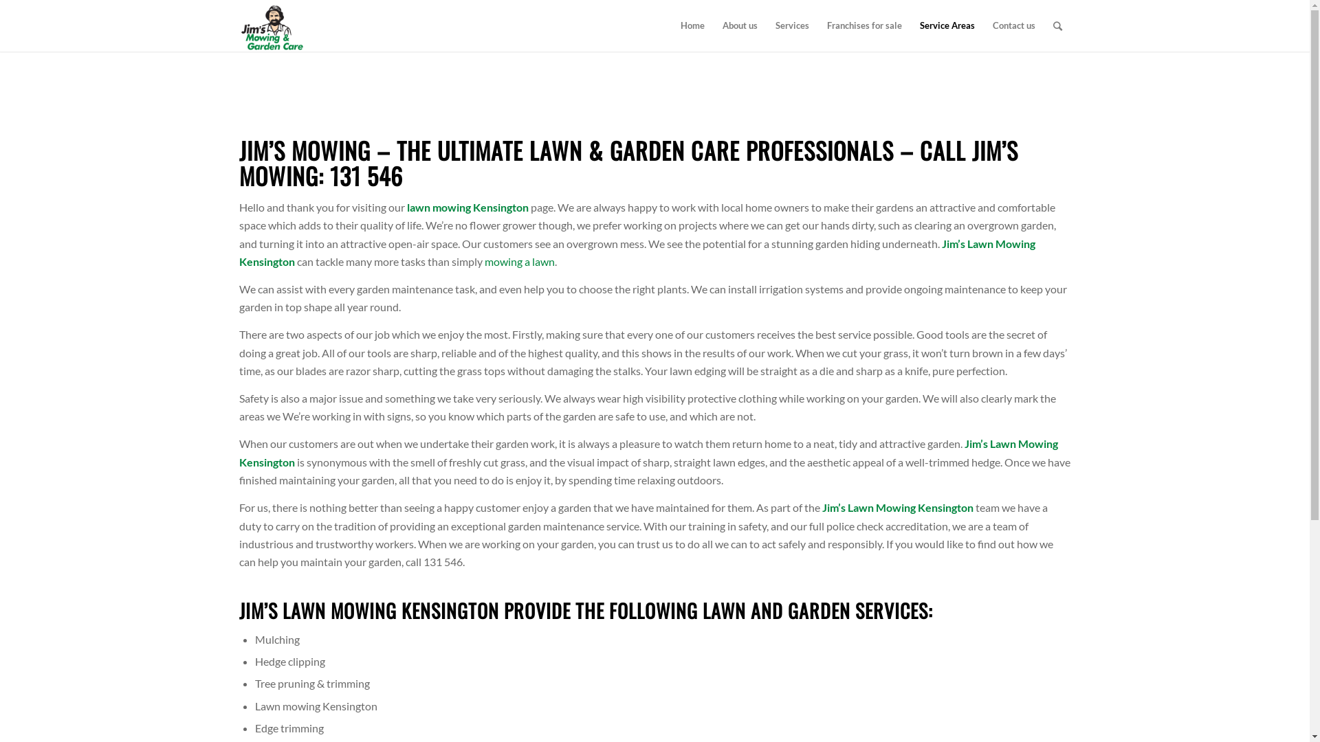 Image resolution: width=1320 pixels, height=742 pixels. What do you see at coordinates (791, 25) in the screenshot?
I see `'Services'` at bounding box center [791, 25].